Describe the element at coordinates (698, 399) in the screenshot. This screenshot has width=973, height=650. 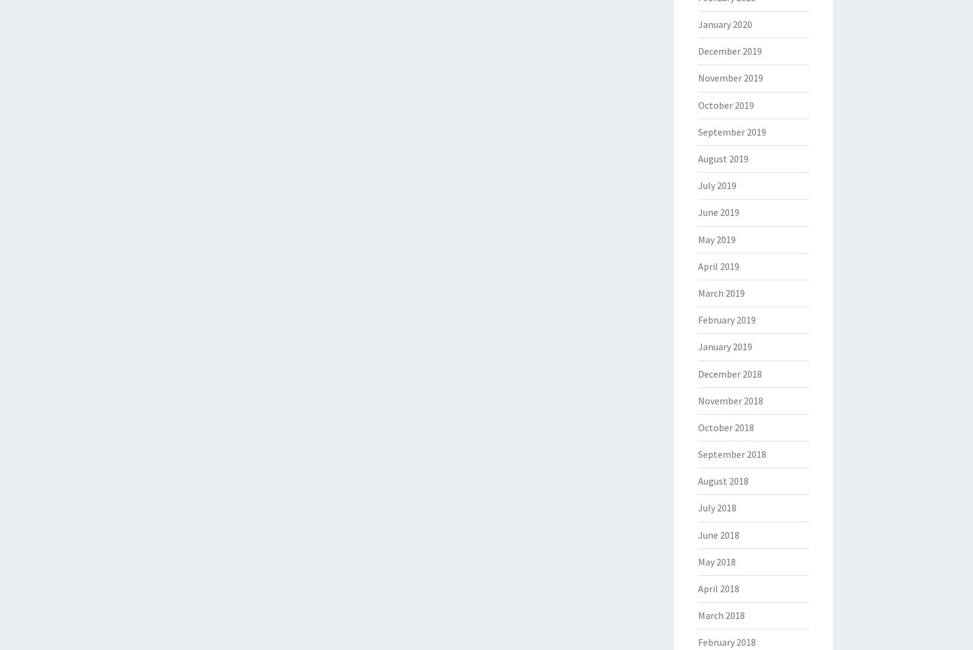
I see `'November 2018'` at that location.